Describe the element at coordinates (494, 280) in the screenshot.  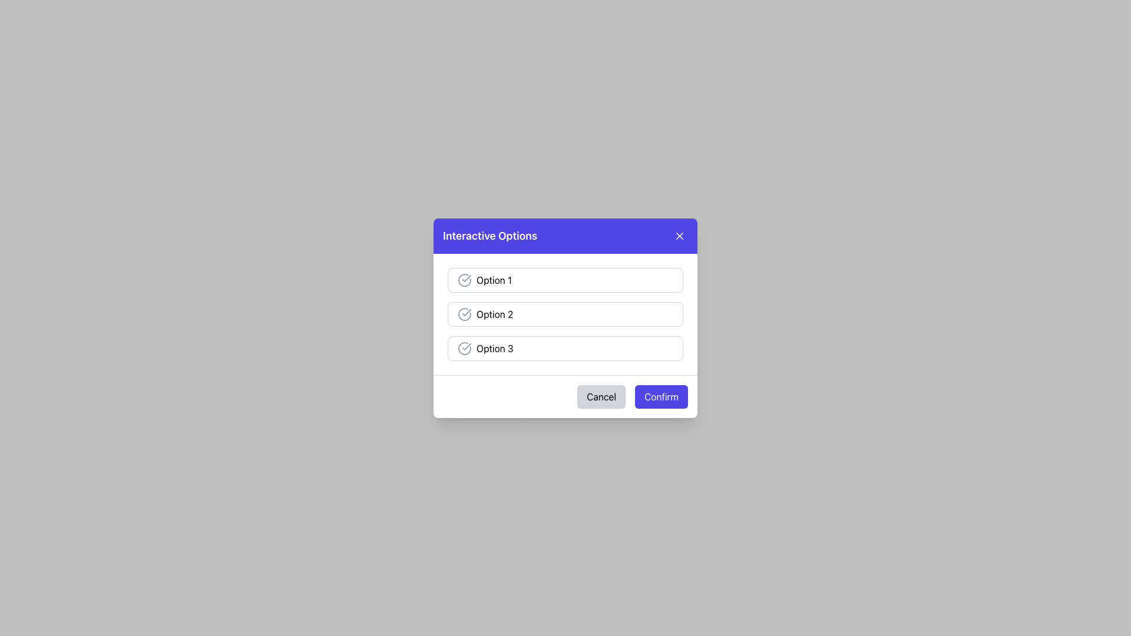
I see `text of the label representing the first option in a vertical list of selectable choices, which is positioned to the topmost of the modal's options section and aligned to the right of a checkmark icon` at that location.